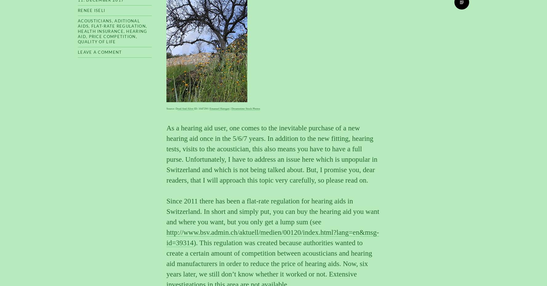  Describe the element at coordinates (171, 108) in the screenshot. I see `'Source:'` at that location.